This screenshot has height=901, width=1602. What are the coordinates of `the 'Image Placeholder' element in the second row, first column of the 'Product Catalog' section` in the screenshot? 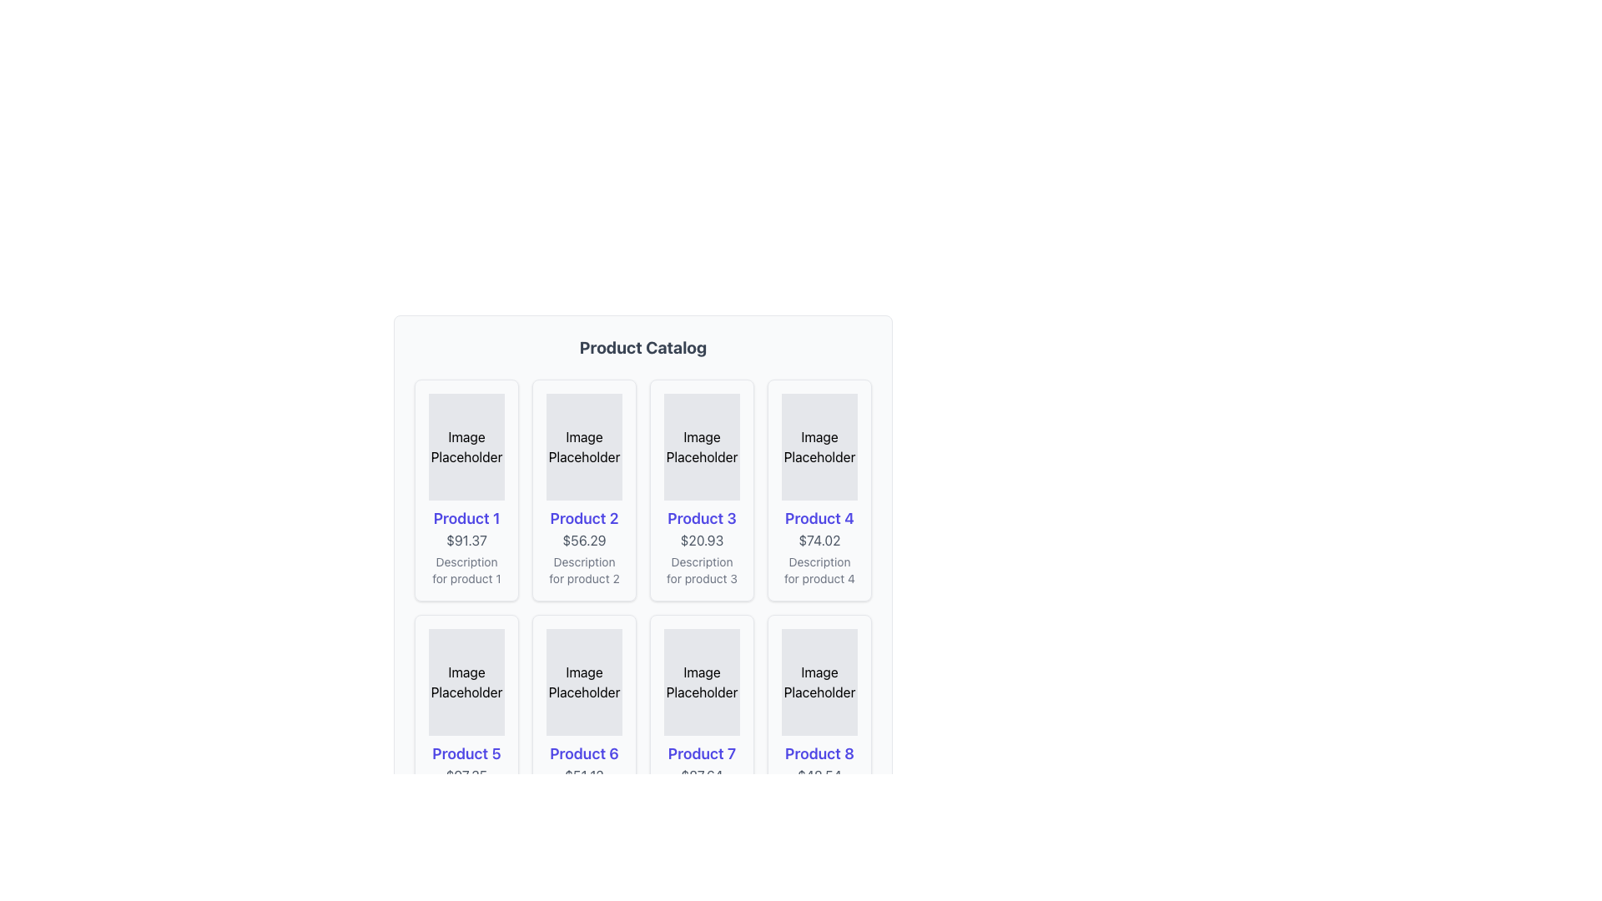 It's located at (466, 682).